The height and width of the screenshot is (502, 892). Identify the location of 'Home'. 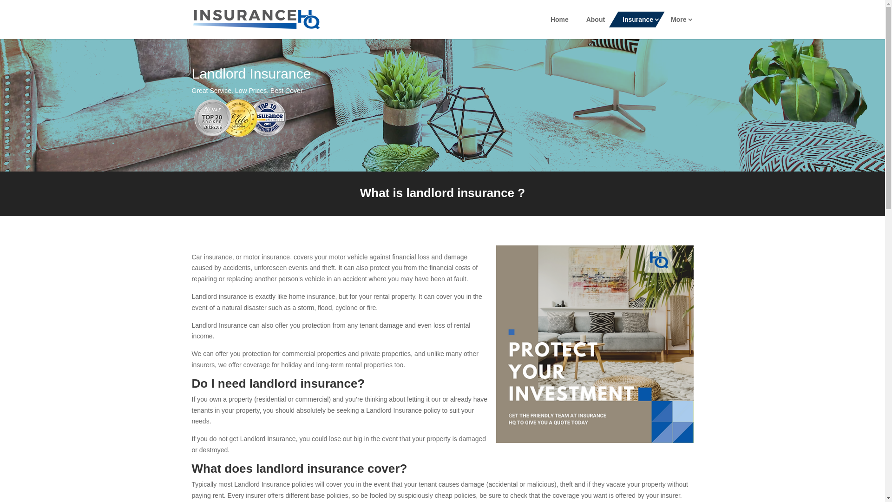
(559, 20).